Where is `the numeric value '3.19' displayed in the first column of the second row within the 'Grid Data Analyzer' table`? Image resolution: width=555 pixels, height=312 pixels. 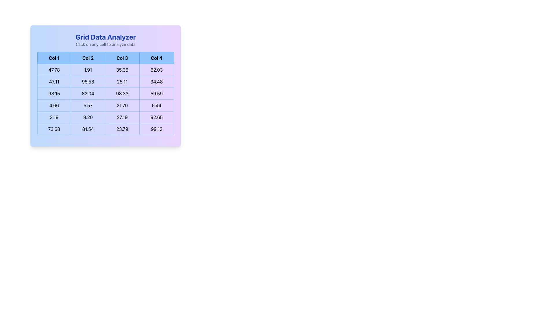 the numeric value '3.19' displayed in the first column of the second row within the 'Grid Data Analyzer' table is located at coordinates (54, 117).